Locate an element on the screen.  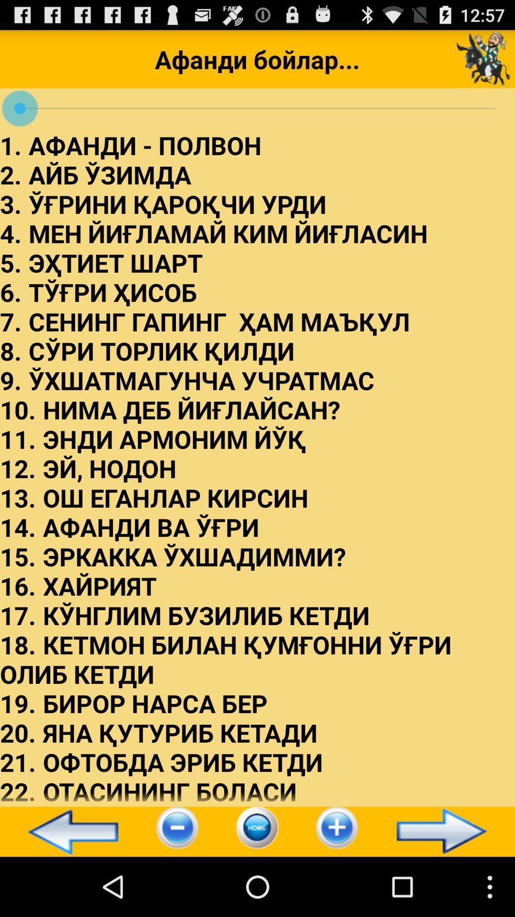
the icon at the bottom right corner is located at coordinates (446, 831).